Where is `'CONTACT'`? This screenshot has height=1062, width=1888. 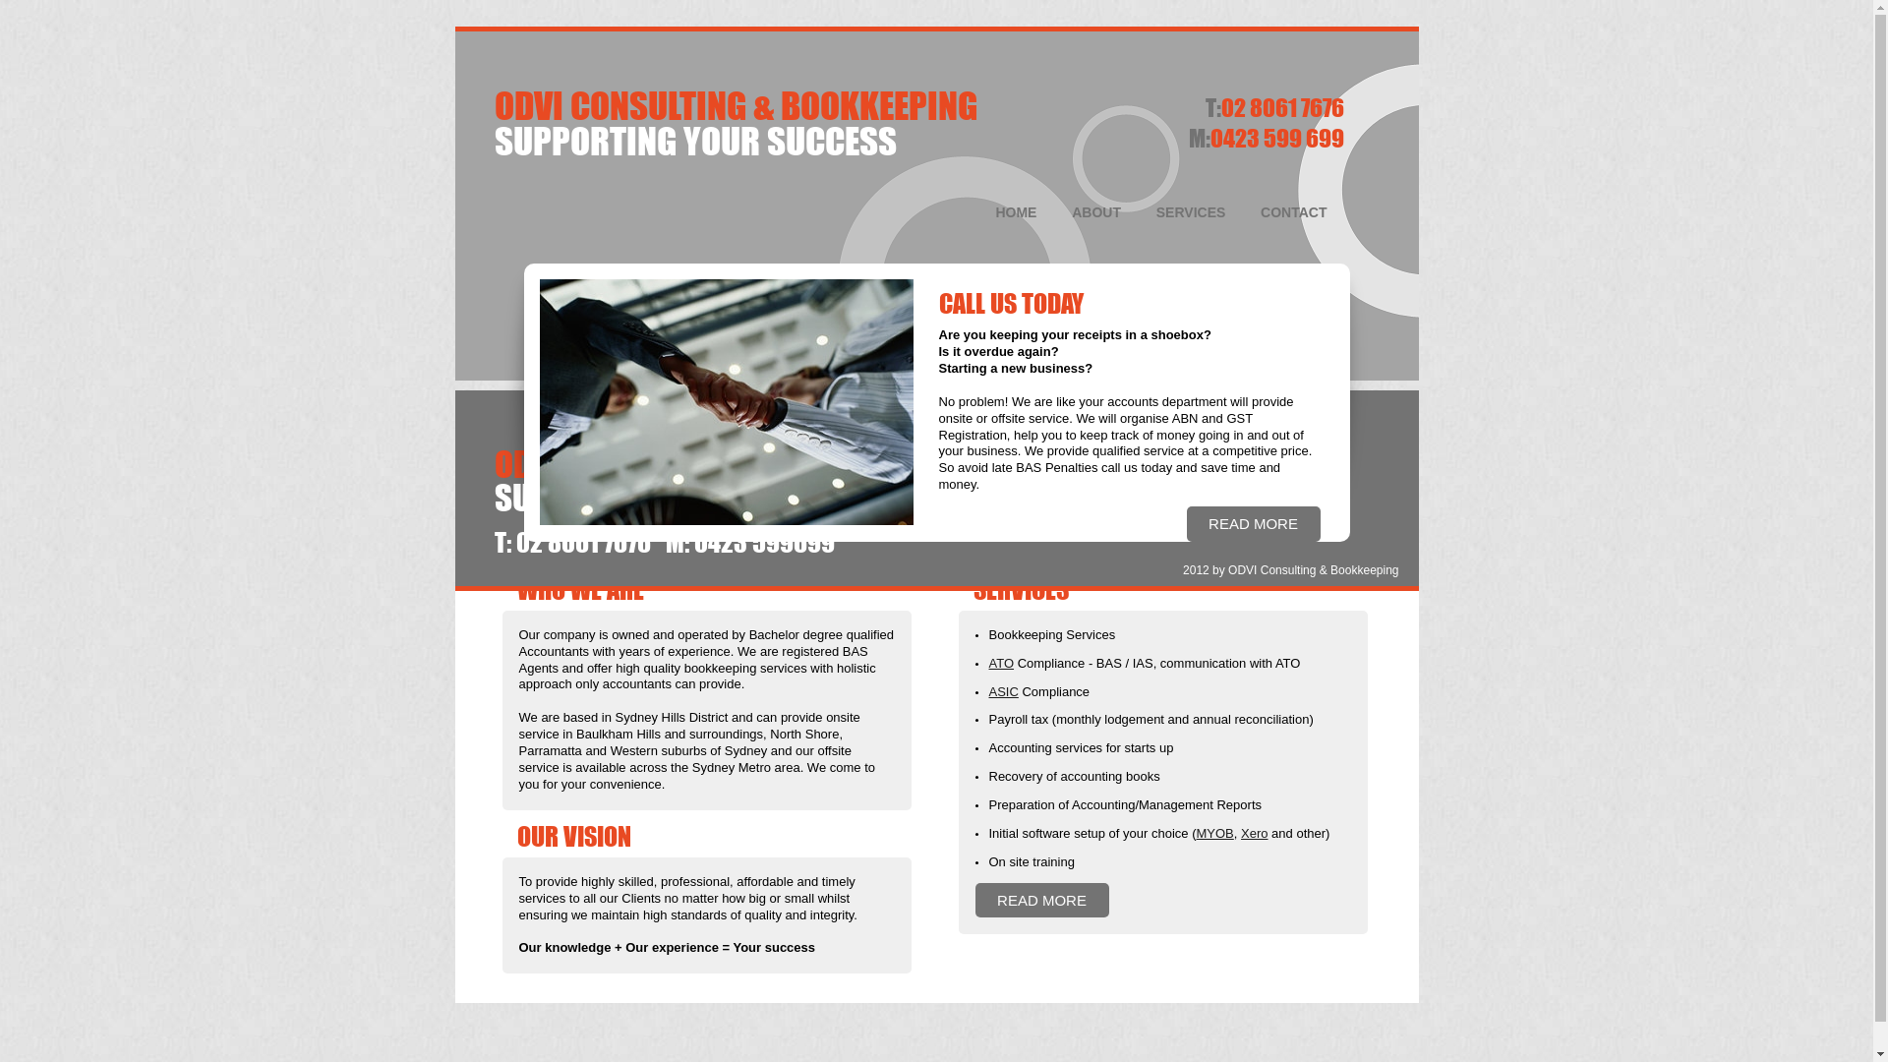 'CONTACT' is located at coordinates (1293, 421).